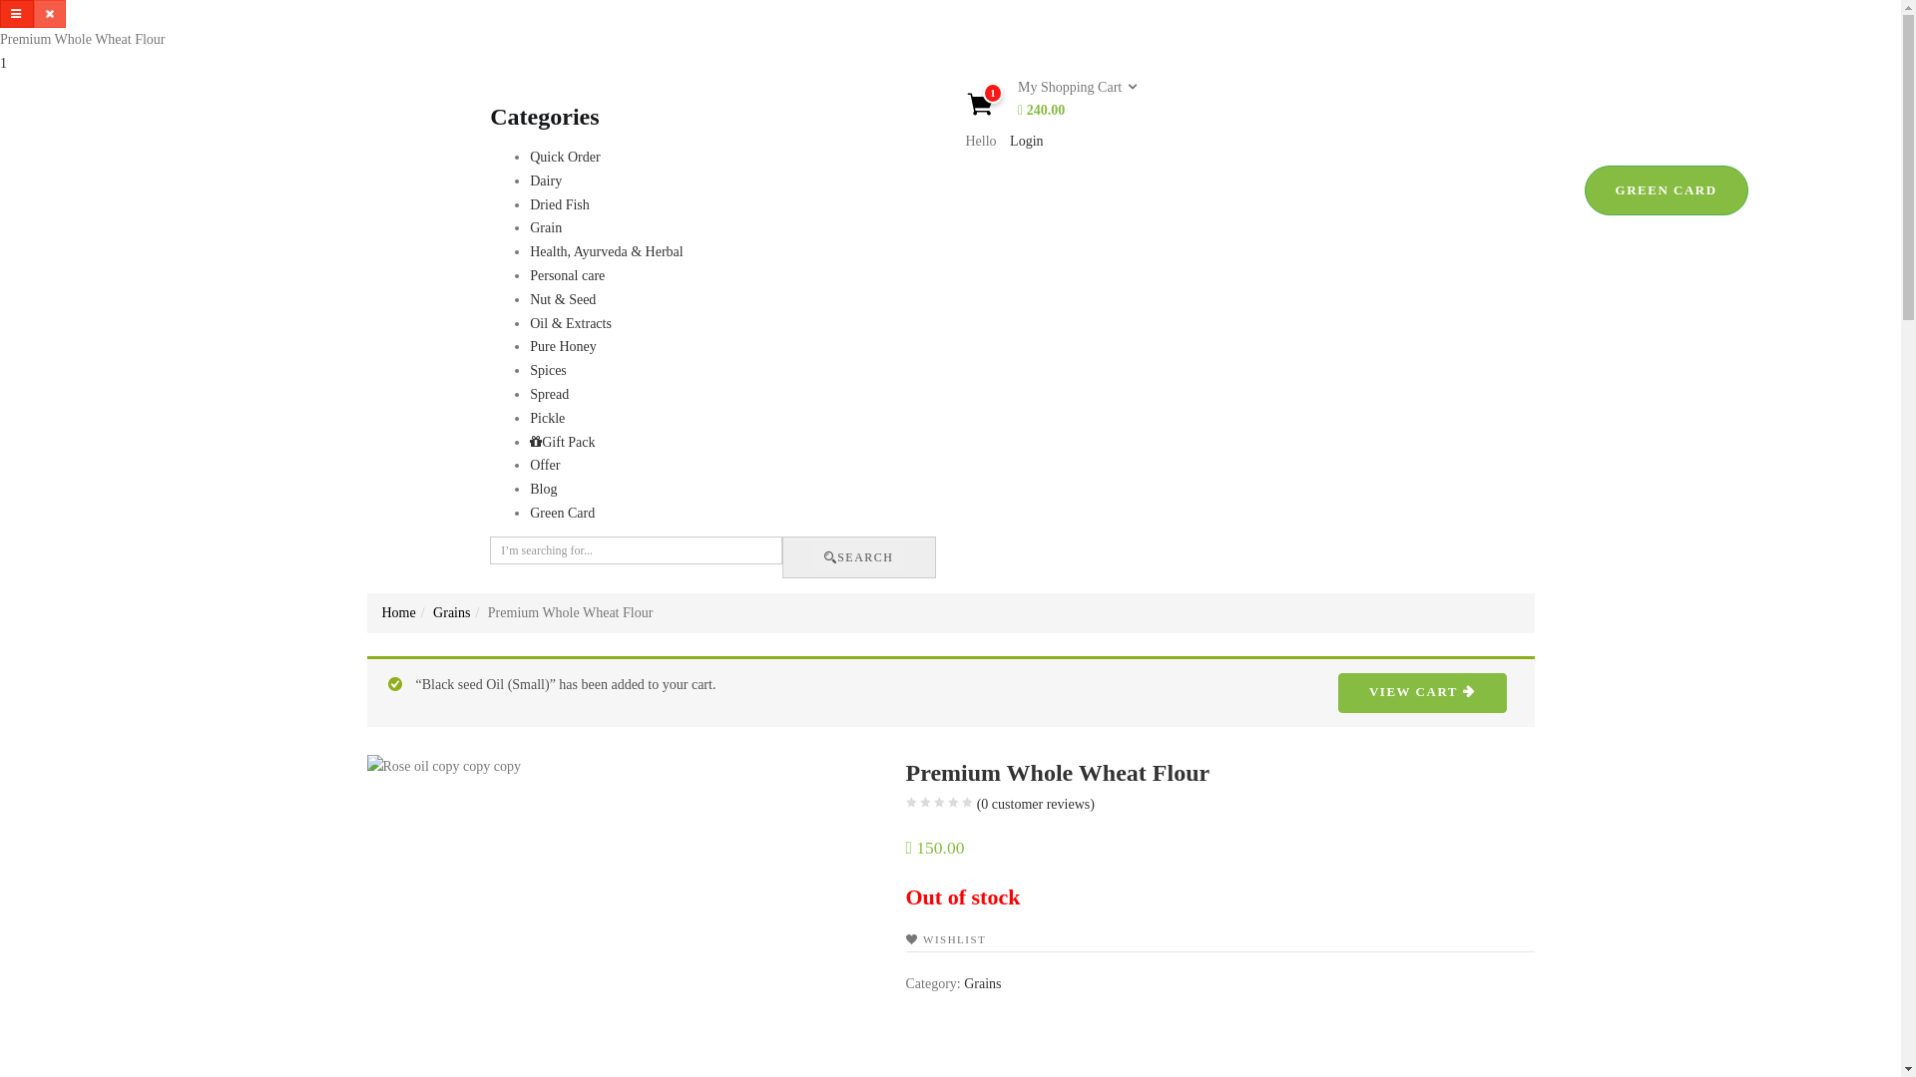  What do you see at coordinates (1667, 190) in the screenshot?
I see `'GREEN CARD'` at bounding box center [1667, 190].